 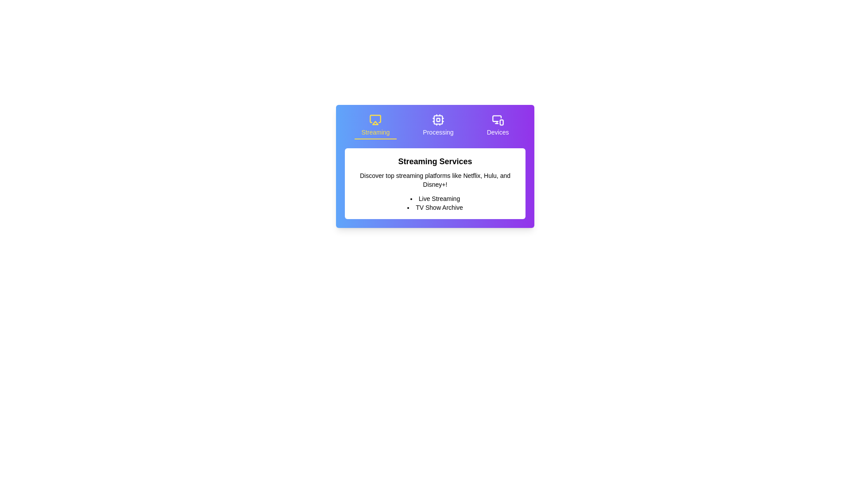 I want to click on the Unordered List containing 'Live Streaming' and 'TV Show Archive', which is positioned below the heading 'Streaming Services' and the descriptive text about streaming platforms, so click(x=435, y=203).